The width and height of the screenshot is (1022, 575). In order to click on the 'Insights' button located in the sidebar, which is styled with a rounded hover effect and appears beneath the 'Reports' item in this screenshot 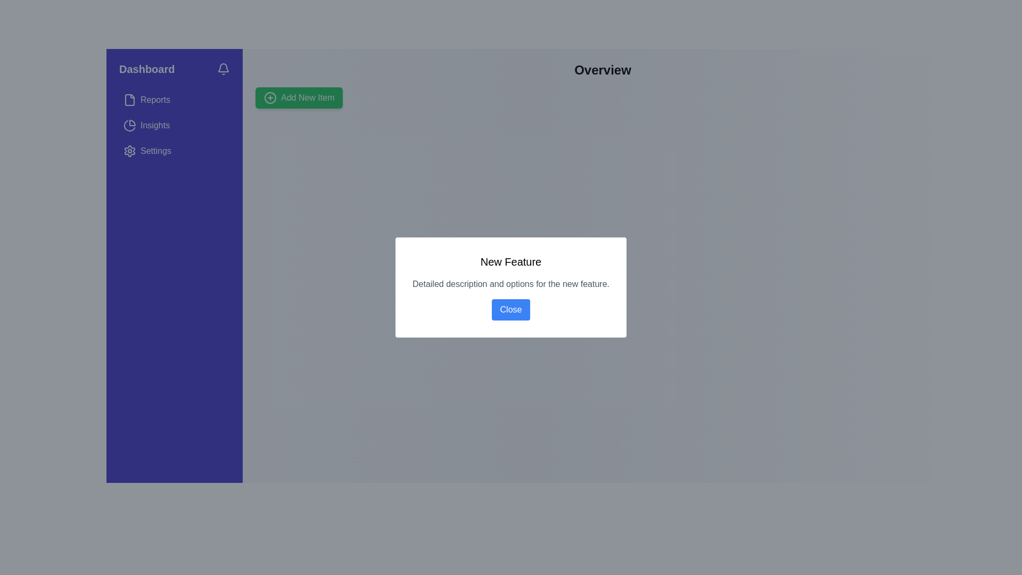, I will do `click(146, 125)`.